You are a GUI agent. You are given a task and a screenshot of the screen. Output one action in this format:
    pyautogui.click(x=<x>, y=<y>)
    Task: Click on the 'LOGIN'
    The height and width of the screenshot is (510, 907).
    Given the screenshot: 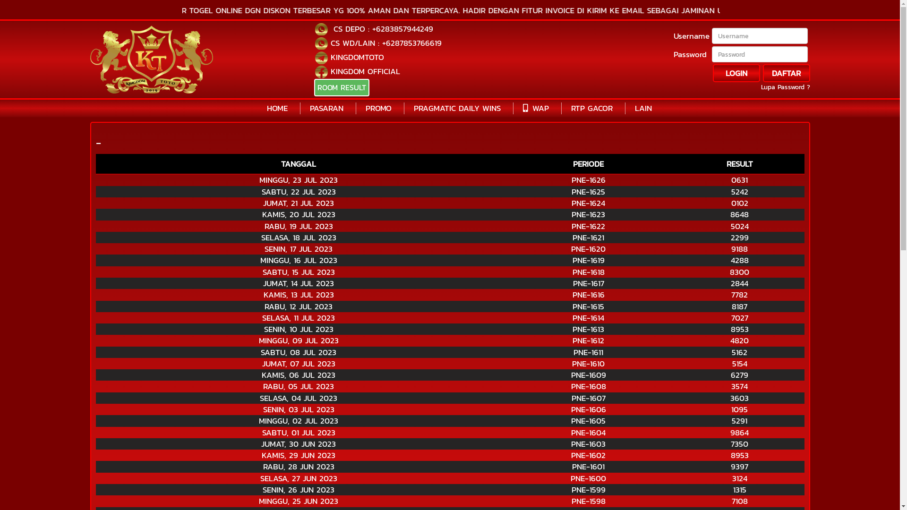 What is the action you would take?
    pyautogui.click(x=736, y=72)
    